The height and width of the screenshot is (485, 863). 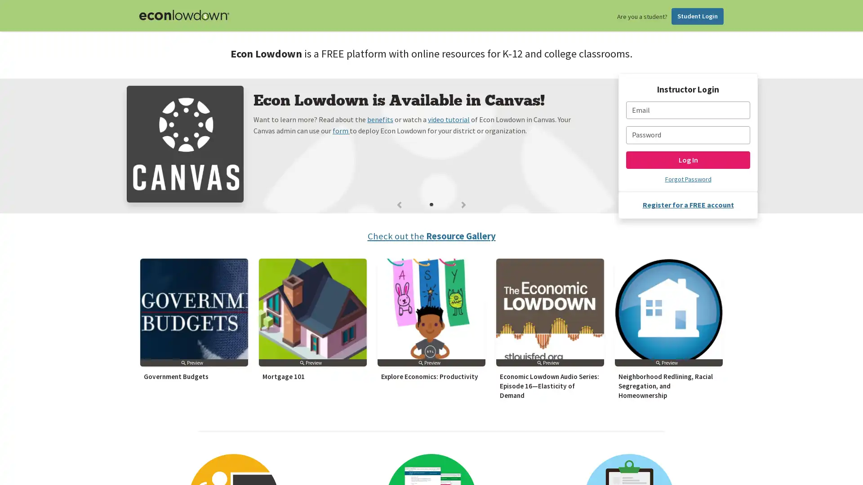 I want to click on Next, so click(x=463, y=204).